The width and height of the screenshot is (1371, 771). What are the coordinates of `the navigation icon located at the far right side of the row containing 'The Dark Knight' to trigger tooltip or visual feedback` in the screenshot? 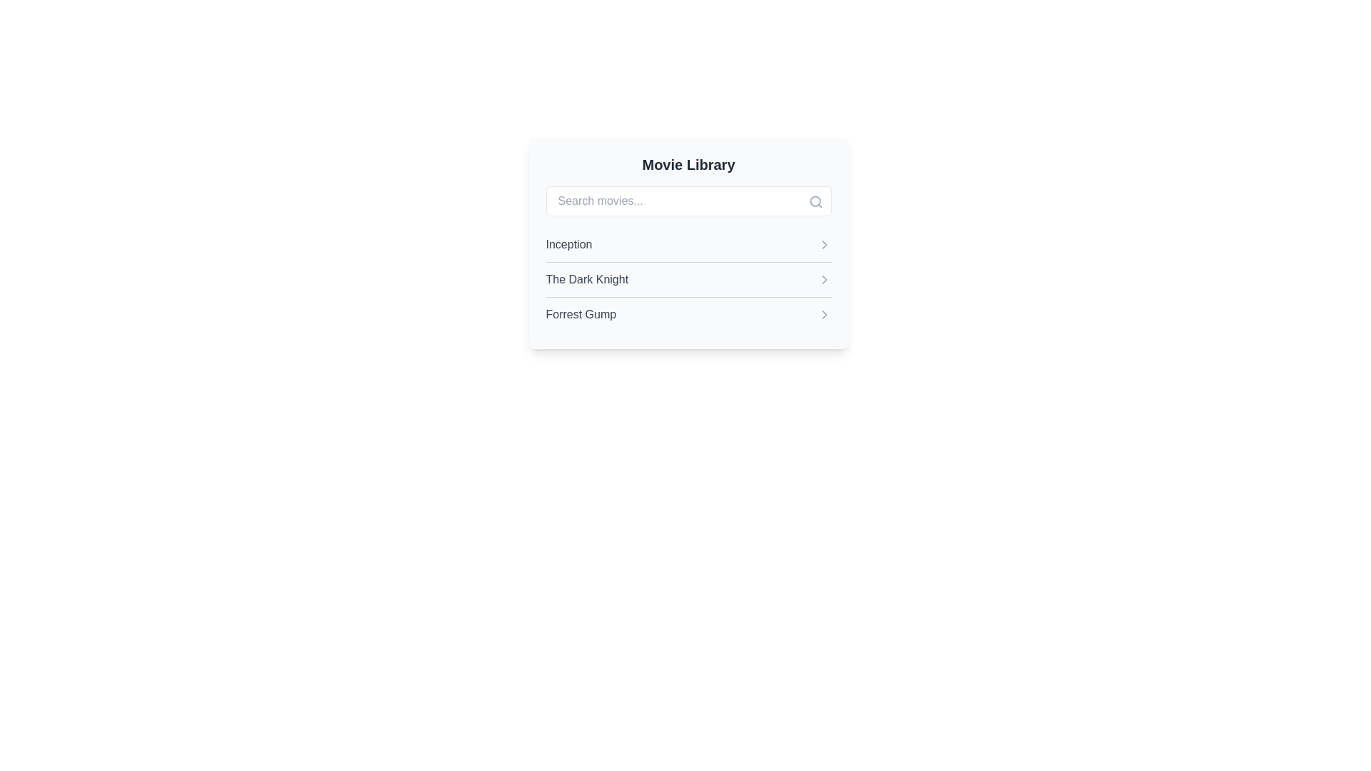 It's located at (824, 280).